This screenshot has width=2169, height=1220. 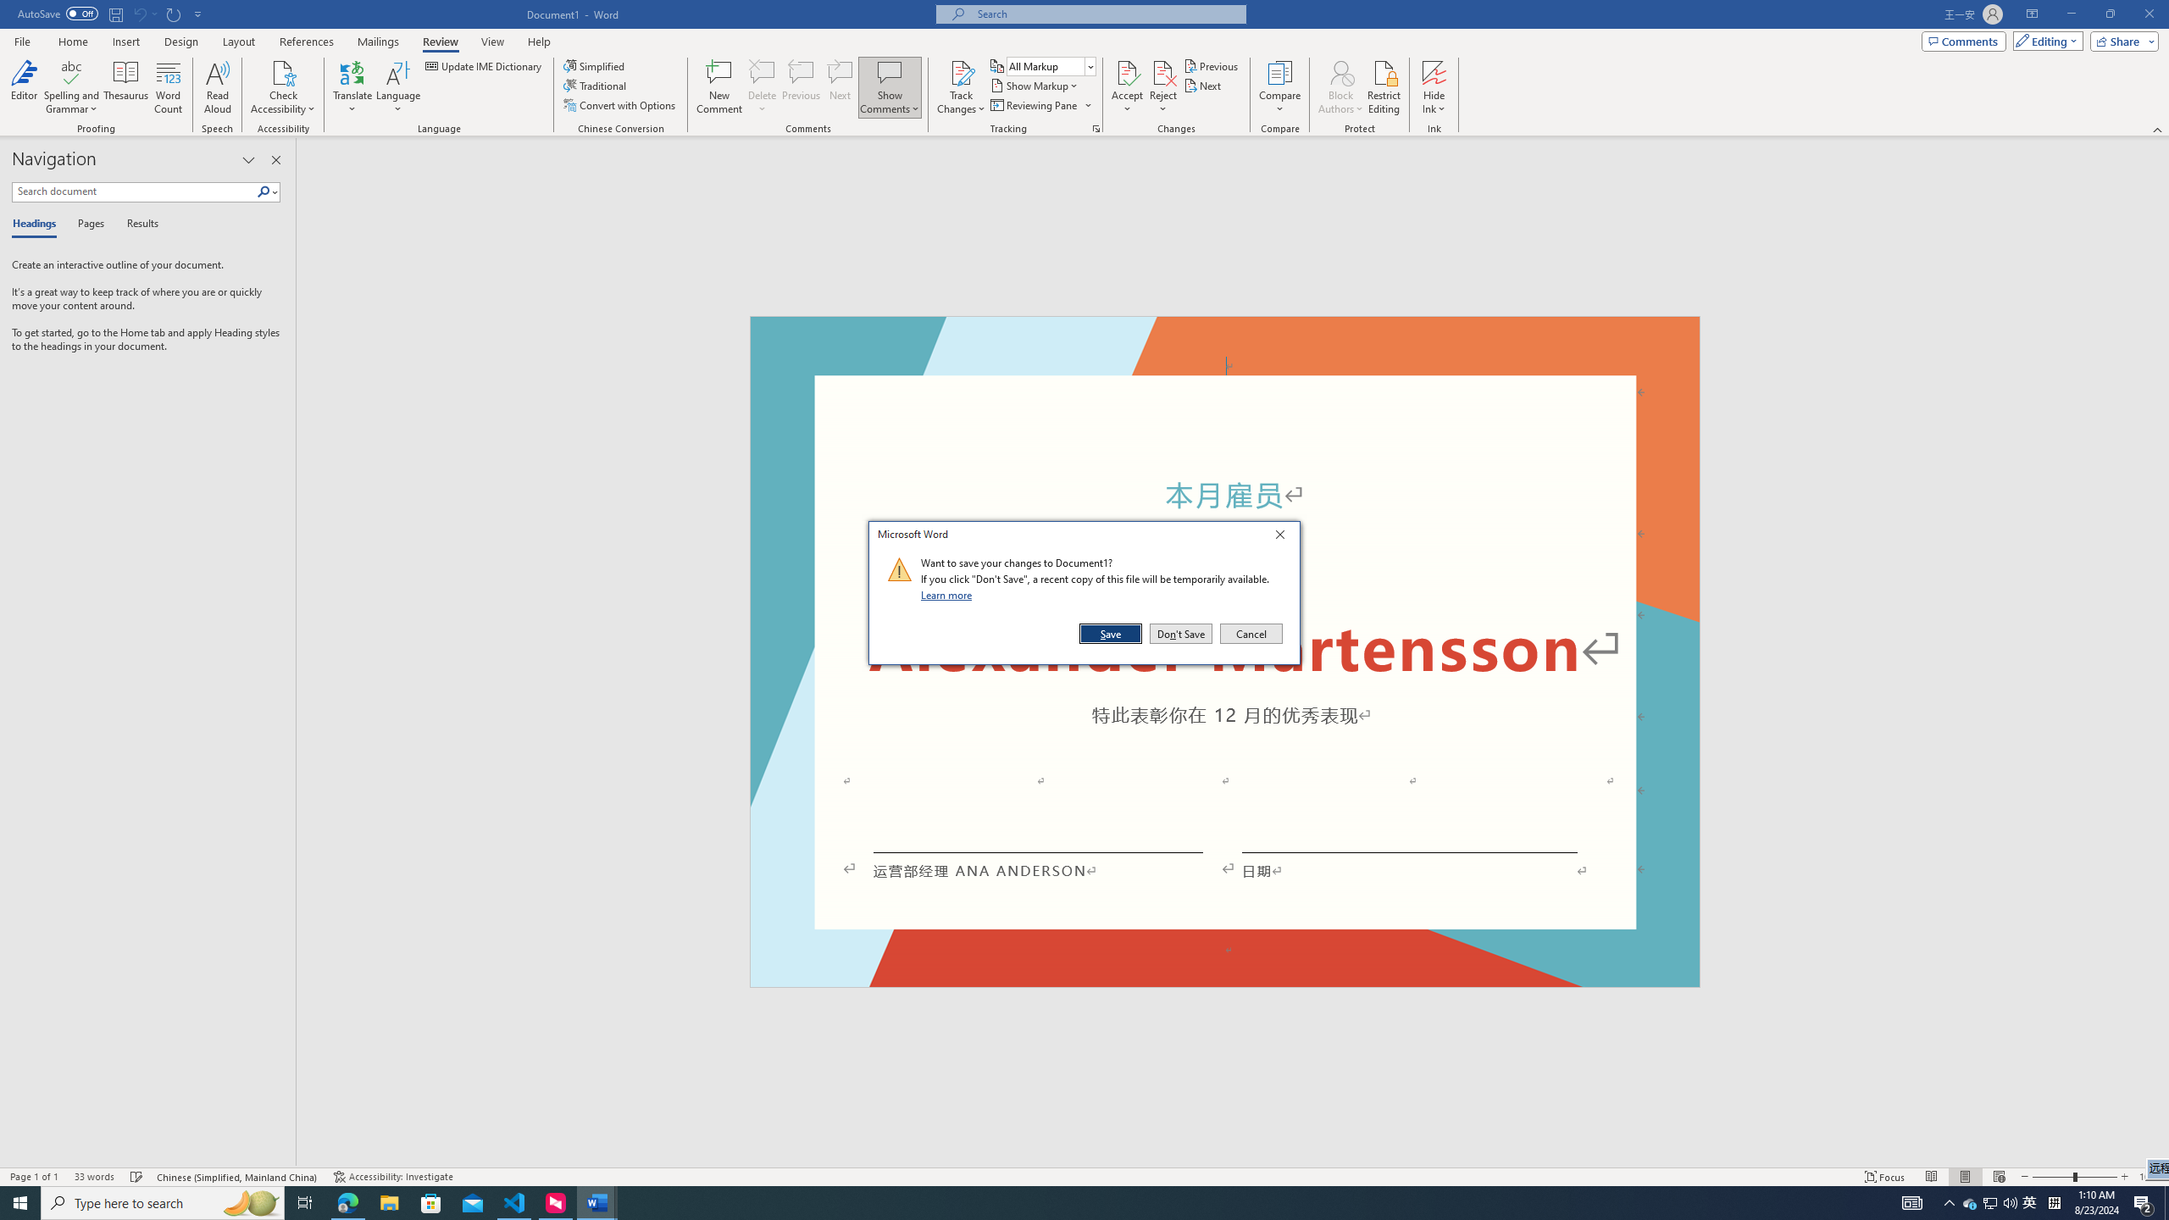 I want to click on 'Page Number Page 1 of 1', so click(x=34, y=1177).